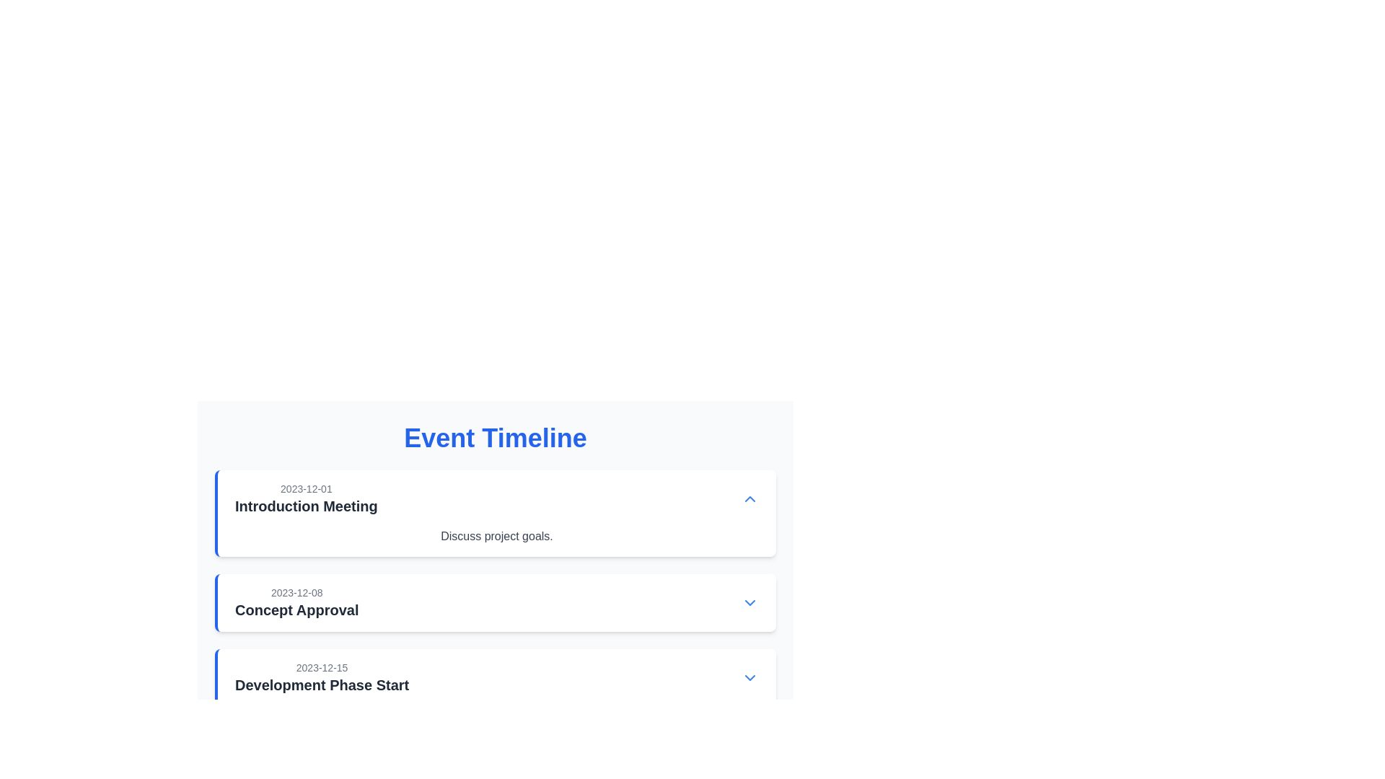 The width and height of the screenshot is (1385, 779). I want to click on the Text Label that denotes the title of the event dated '2023-12-08' in the 'Event Timeline' interface, so click(296, 609).